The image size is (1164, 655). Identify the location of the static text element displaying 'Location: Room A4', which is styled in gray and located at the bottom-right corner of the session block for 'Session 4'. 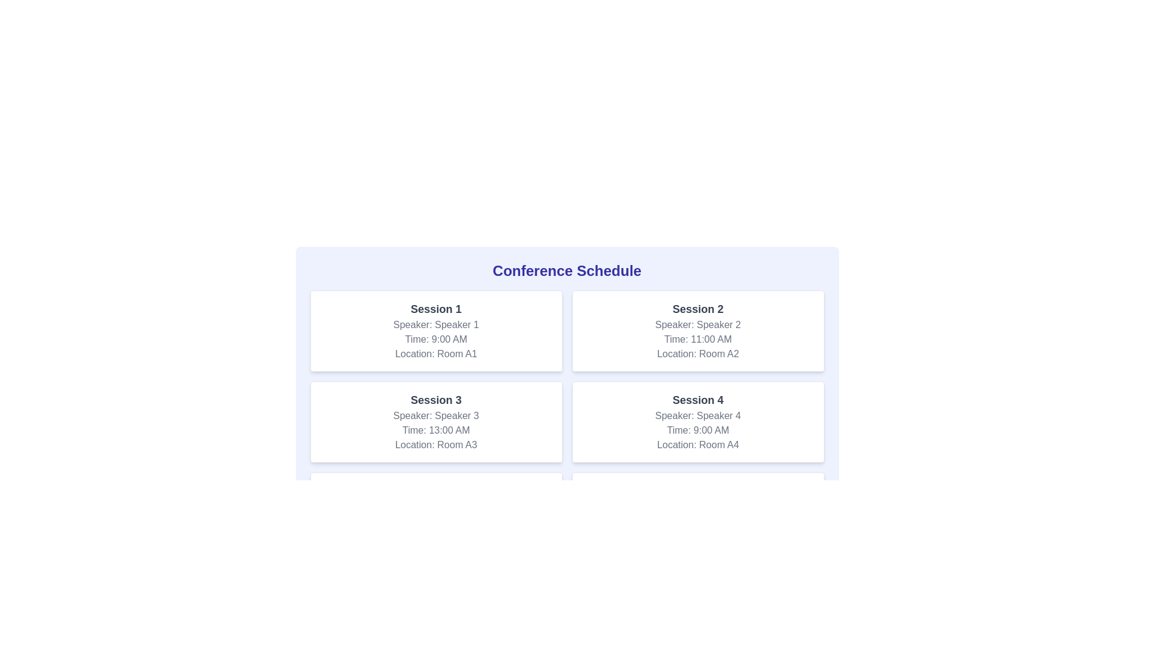
(698, 445).